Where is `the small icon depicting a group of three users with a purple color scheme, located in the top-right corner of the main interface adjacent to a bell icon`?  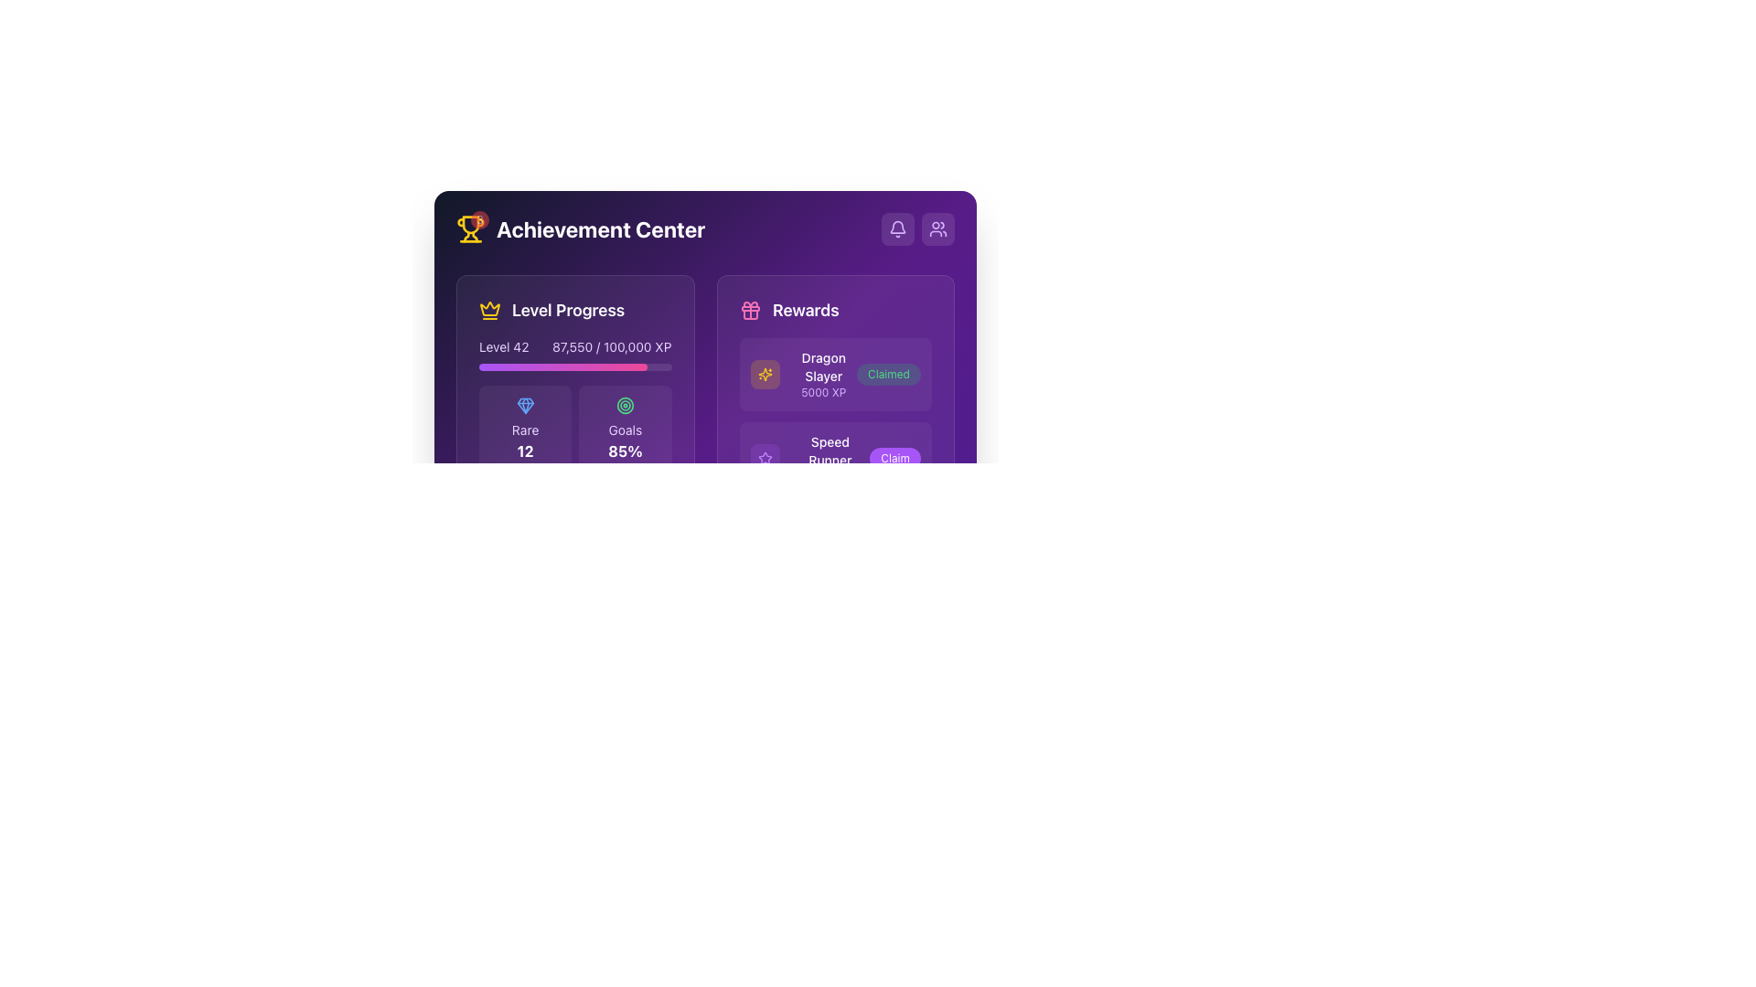 the small icon depicting a group of three users with a purple color scheme, located in the top-right corner of the main interface adjacent to a bell icon is located at coordinates (938, 228).